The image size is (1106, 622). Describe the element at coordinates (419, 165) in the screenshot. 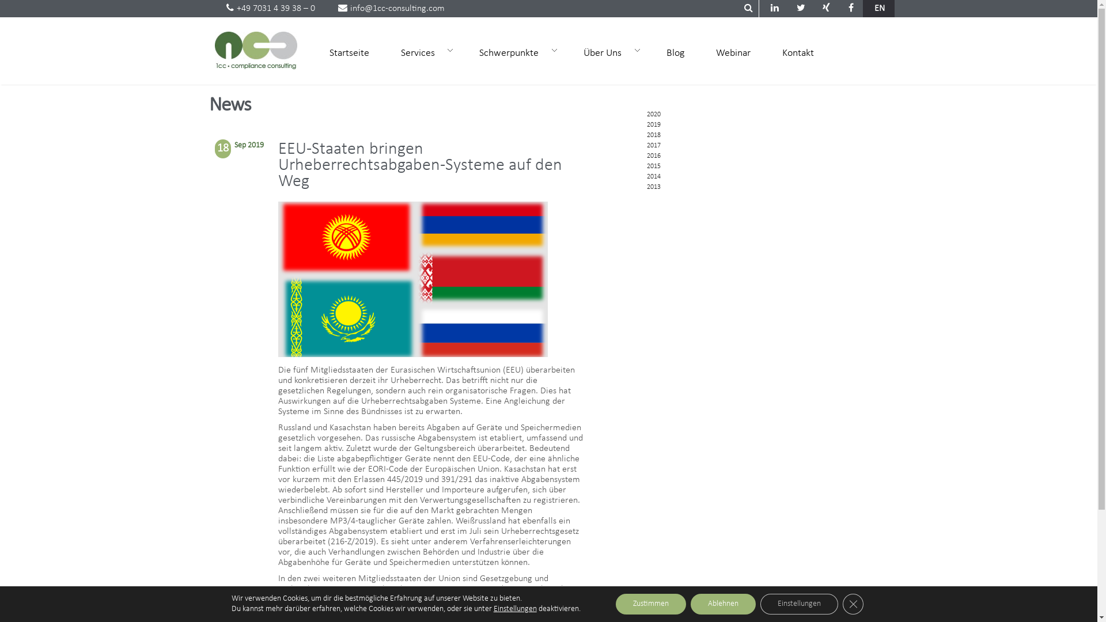

I see `'EEU-Staaten bringen Urheberrechtsabgaben-Systeme auf den Weg'` at that location.